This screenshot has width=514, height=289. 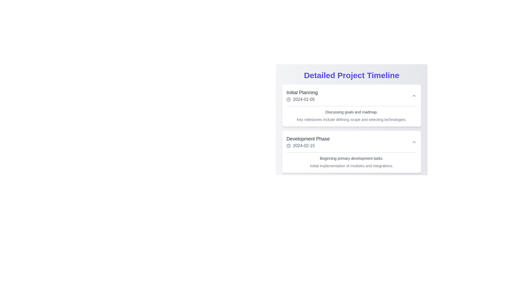 I want to click on the date in the 'Initial Planning' project timeline entry, so click(x=352, y=96).